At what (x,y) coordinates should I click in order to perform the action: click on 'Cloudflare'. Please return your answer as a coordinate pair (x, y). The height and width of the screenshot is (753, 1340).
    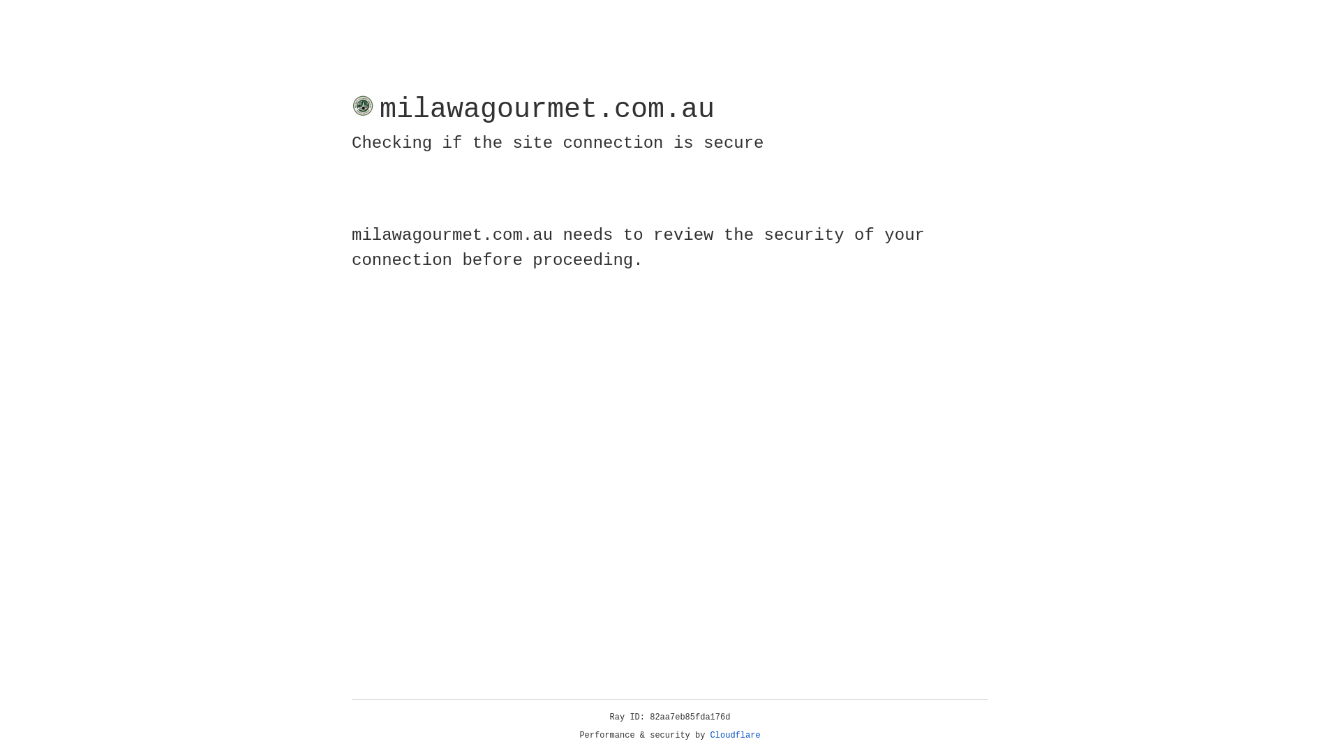
    Looking at the image, I should click on (735, 735).